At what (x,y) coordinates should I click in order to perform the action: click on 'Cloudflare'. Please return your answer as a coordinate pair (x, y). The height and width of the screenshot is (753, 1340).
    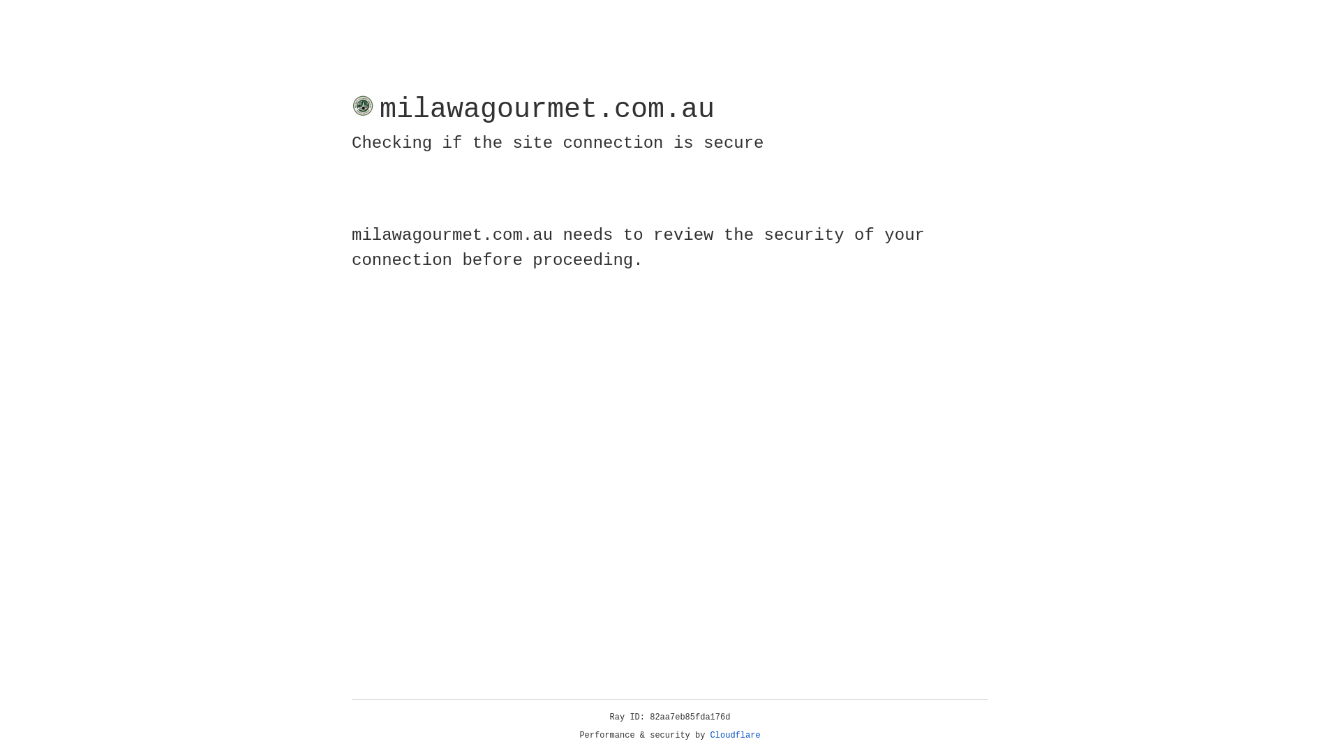
    Looking at the image, I should click on (735, 735).